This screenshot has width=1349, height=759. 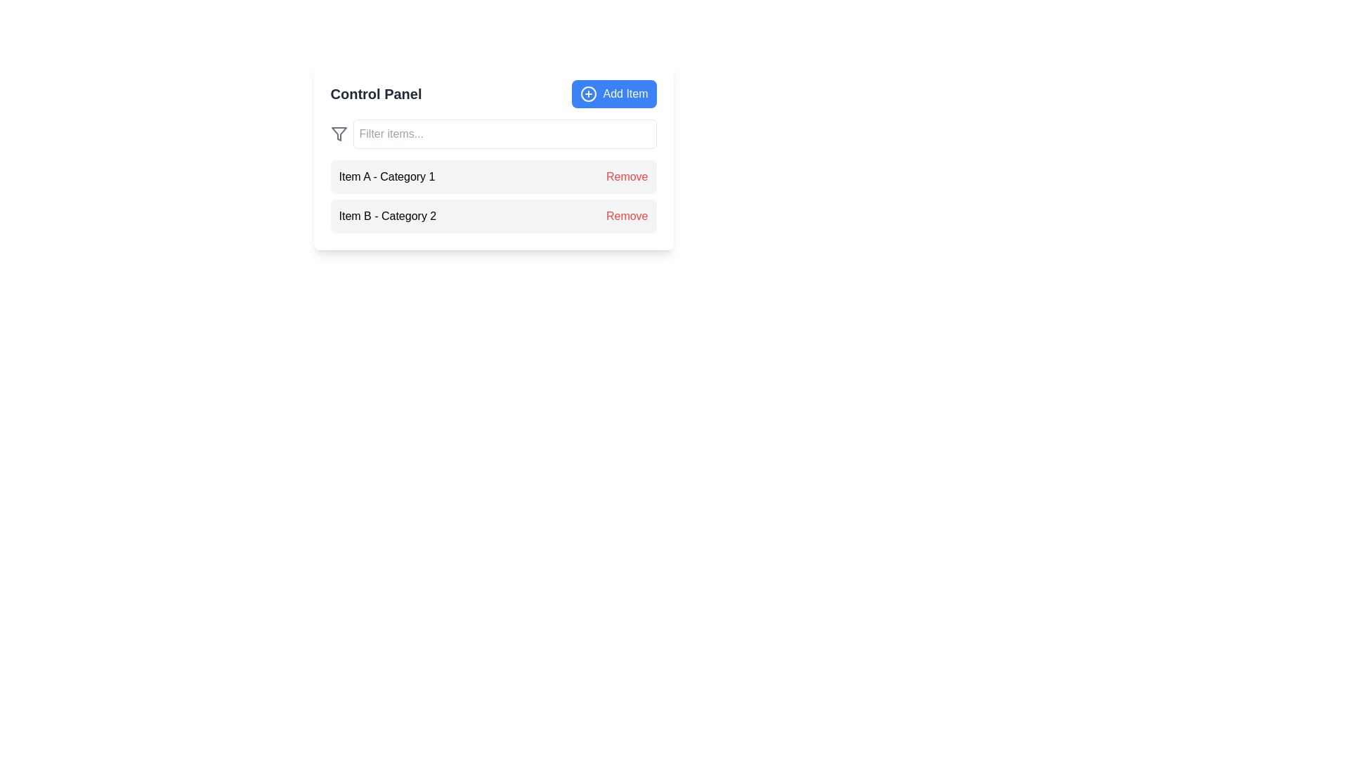 What do you see at coordinates (626, 216) in the screenshot?
I see `the 'Remove' button labeled in red, positioned within the 'Control Panel' below 'Item B - Category 2'` at bounding box center [626, 216].